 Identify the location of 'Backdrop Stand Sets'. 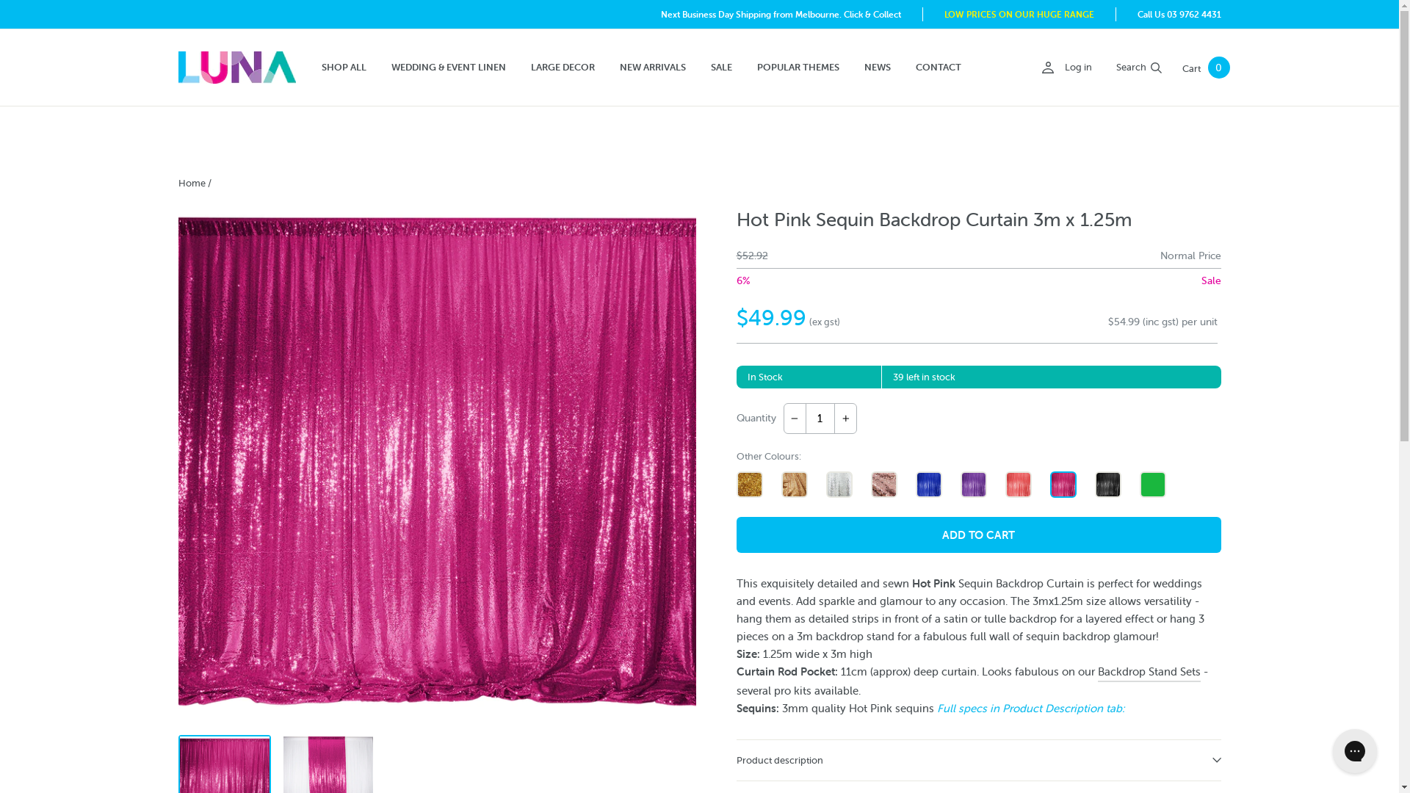
(1096, 672).